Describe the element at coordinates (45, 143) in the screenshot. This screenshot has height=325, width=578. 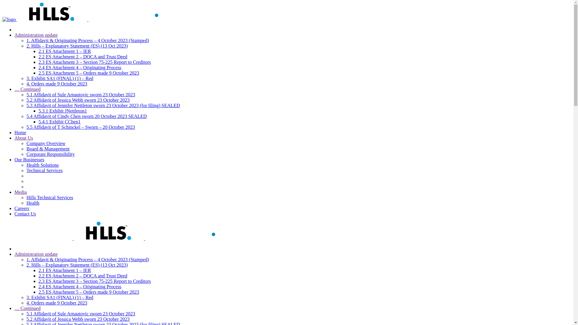
I see `'Company Overview'` at that location.